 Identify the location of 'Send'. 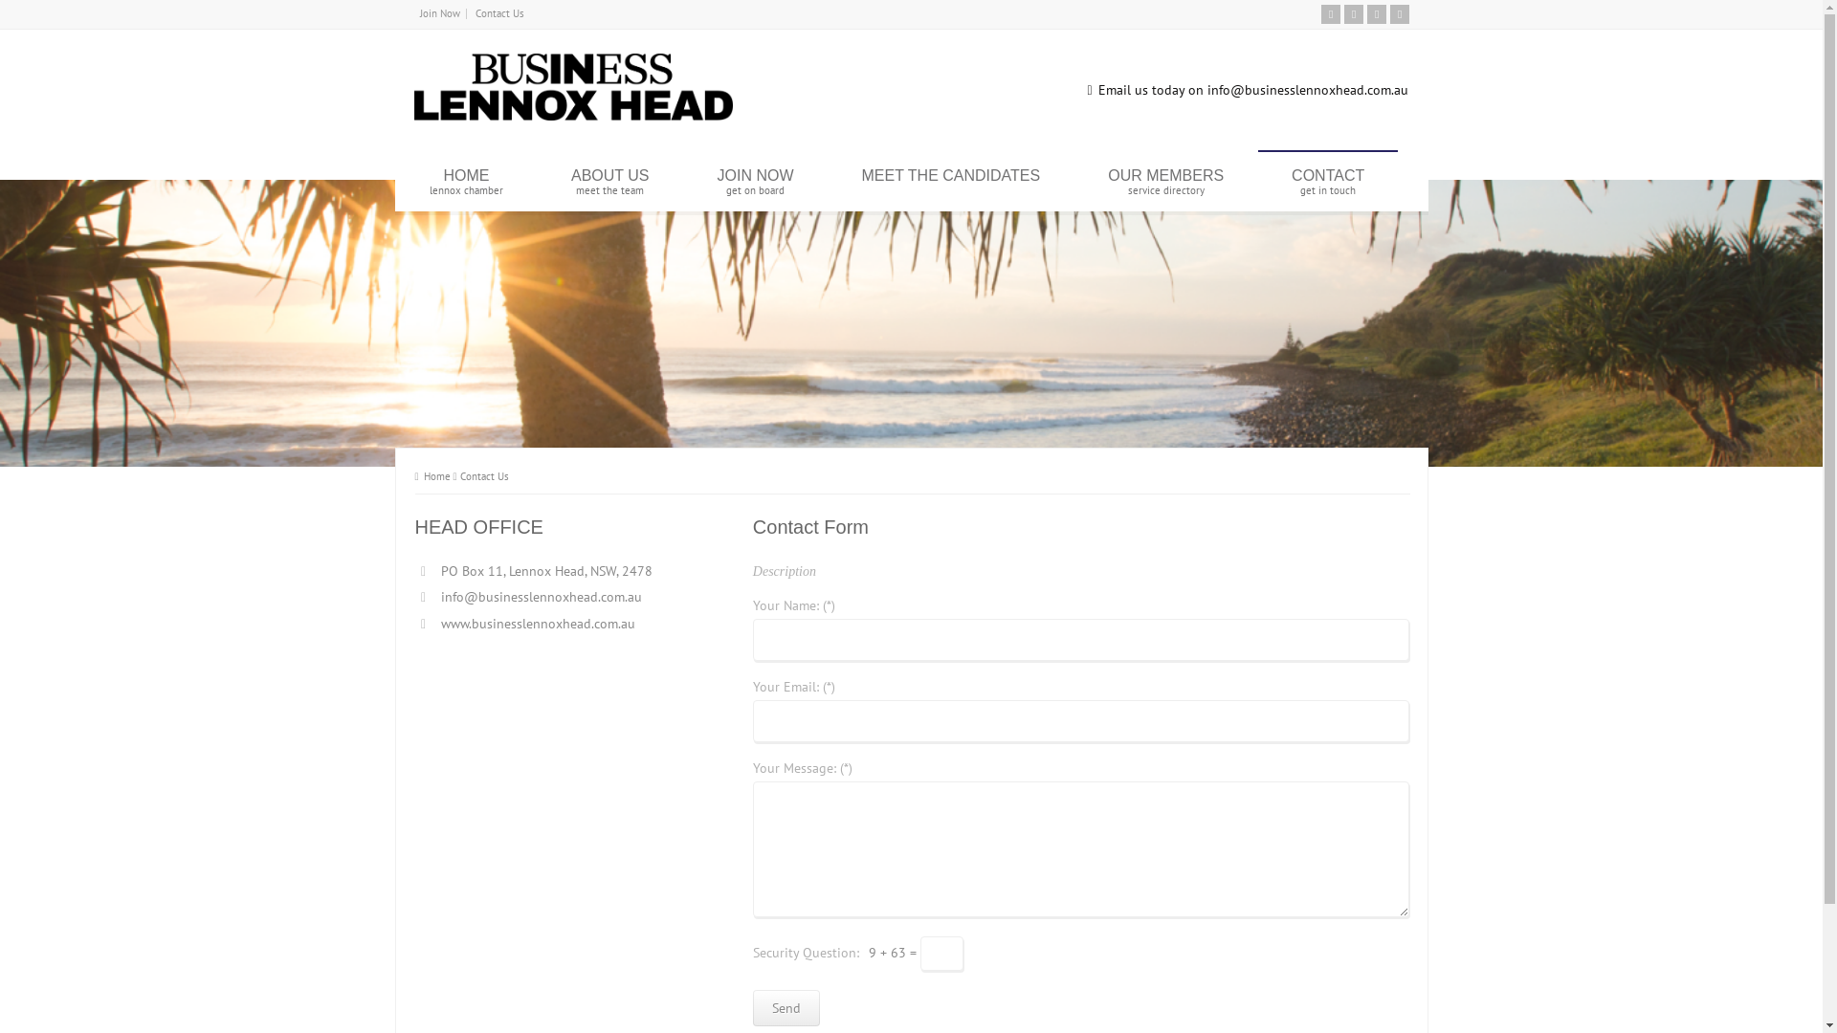
(786, 1006).